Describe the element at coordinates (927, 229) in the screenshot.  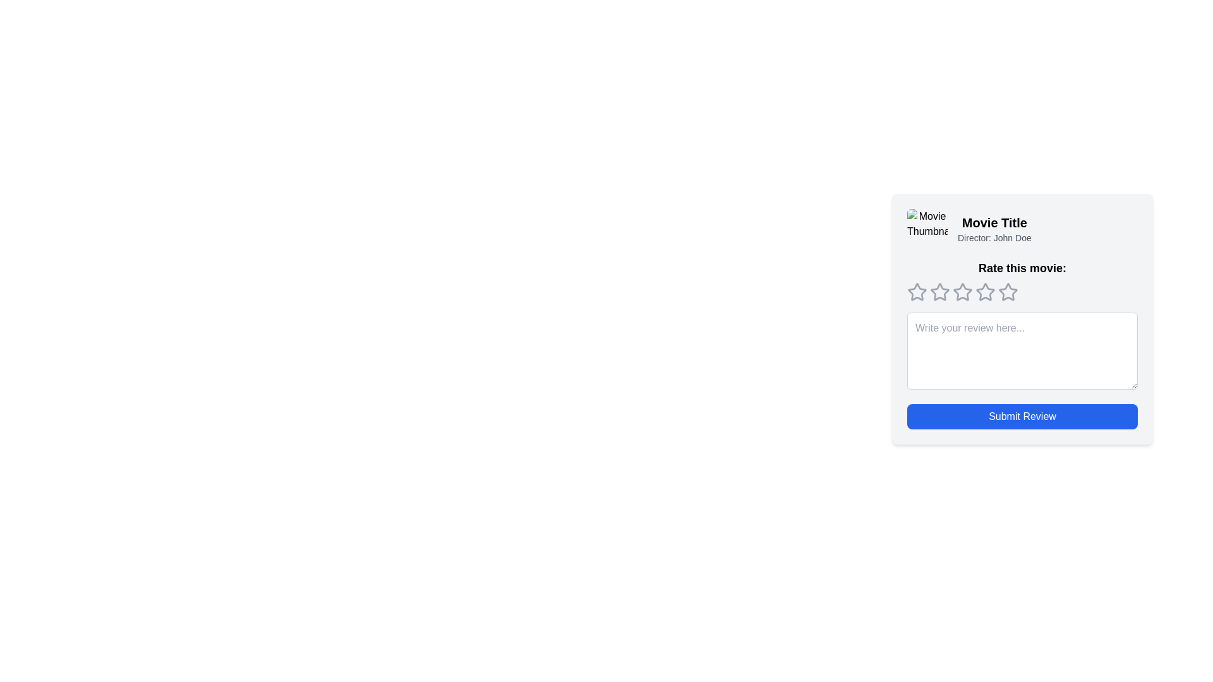
I see `the square-shaped thumbnail image with rounded corners labeled 'Movie Thumbnail'` at that location.